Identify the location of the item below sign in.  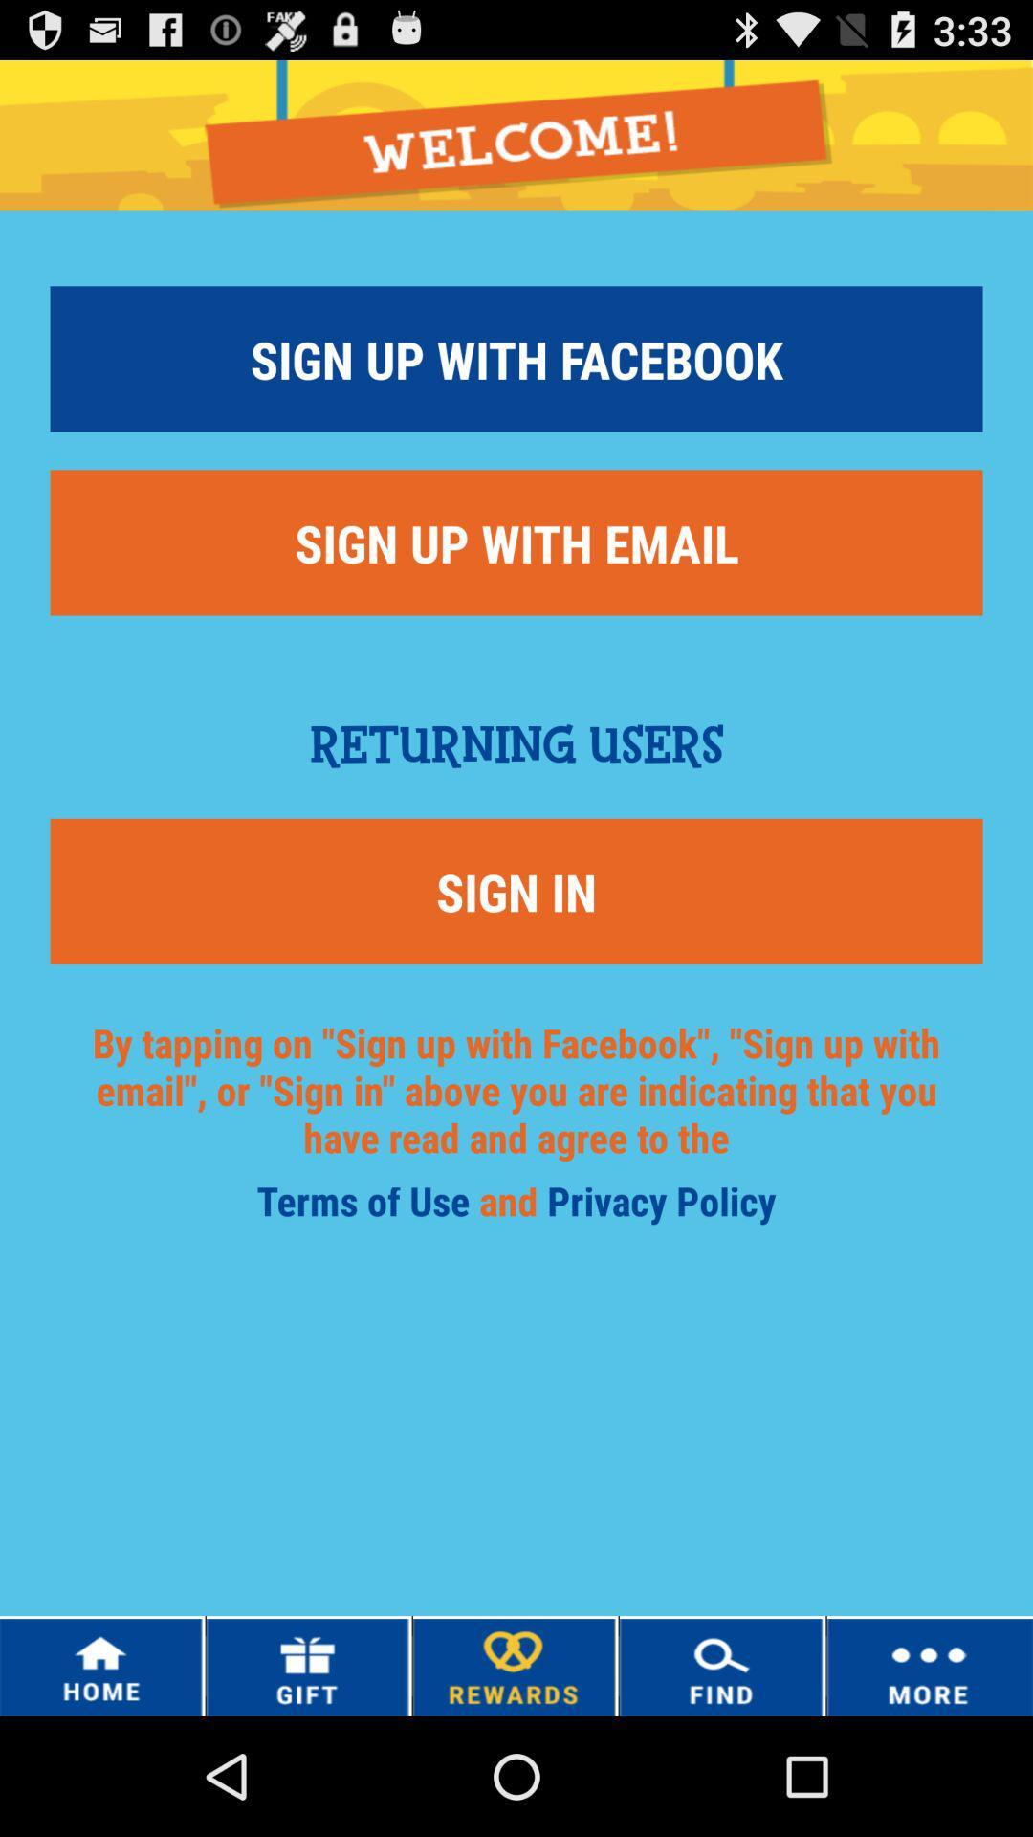
(660, 1206).